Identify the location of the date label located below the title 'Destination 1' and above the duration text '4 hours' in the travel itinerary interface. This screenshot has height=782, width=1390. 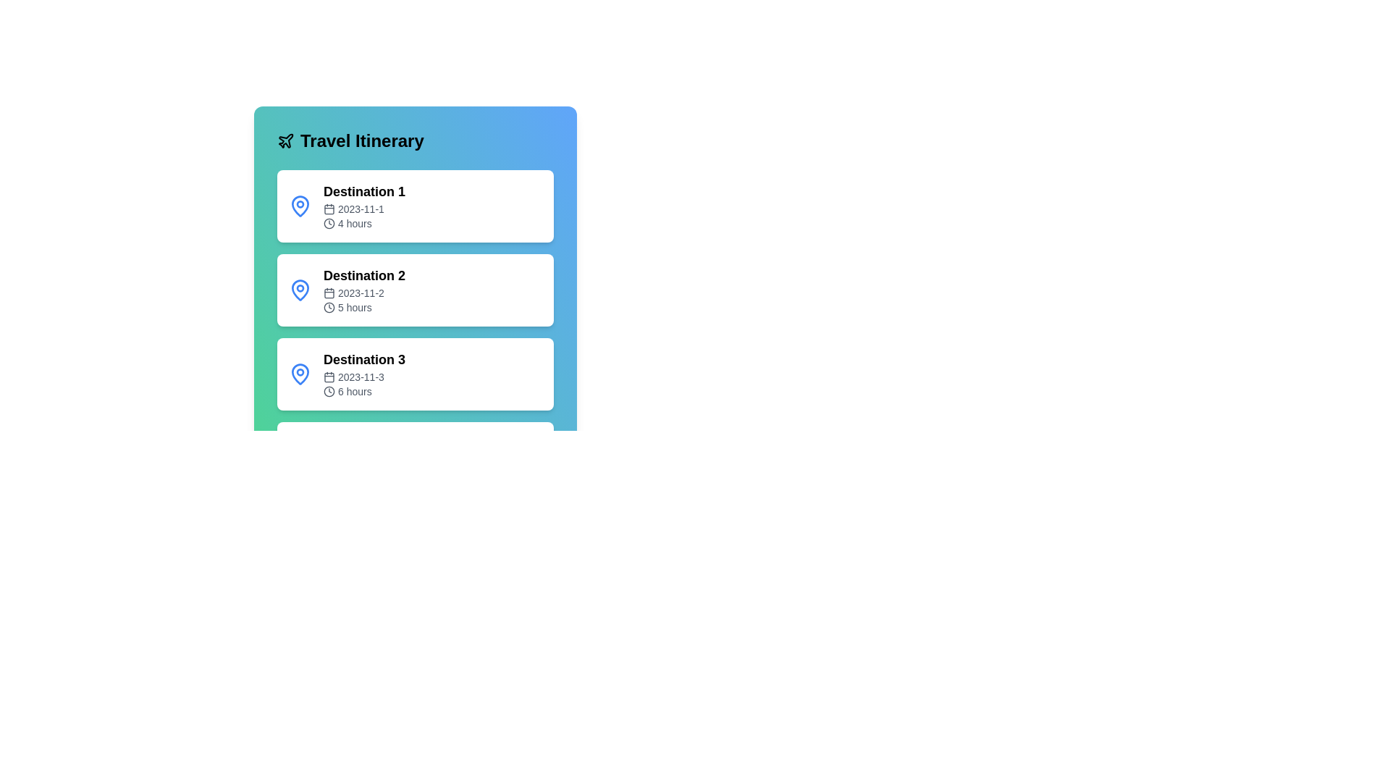
(364, 209).